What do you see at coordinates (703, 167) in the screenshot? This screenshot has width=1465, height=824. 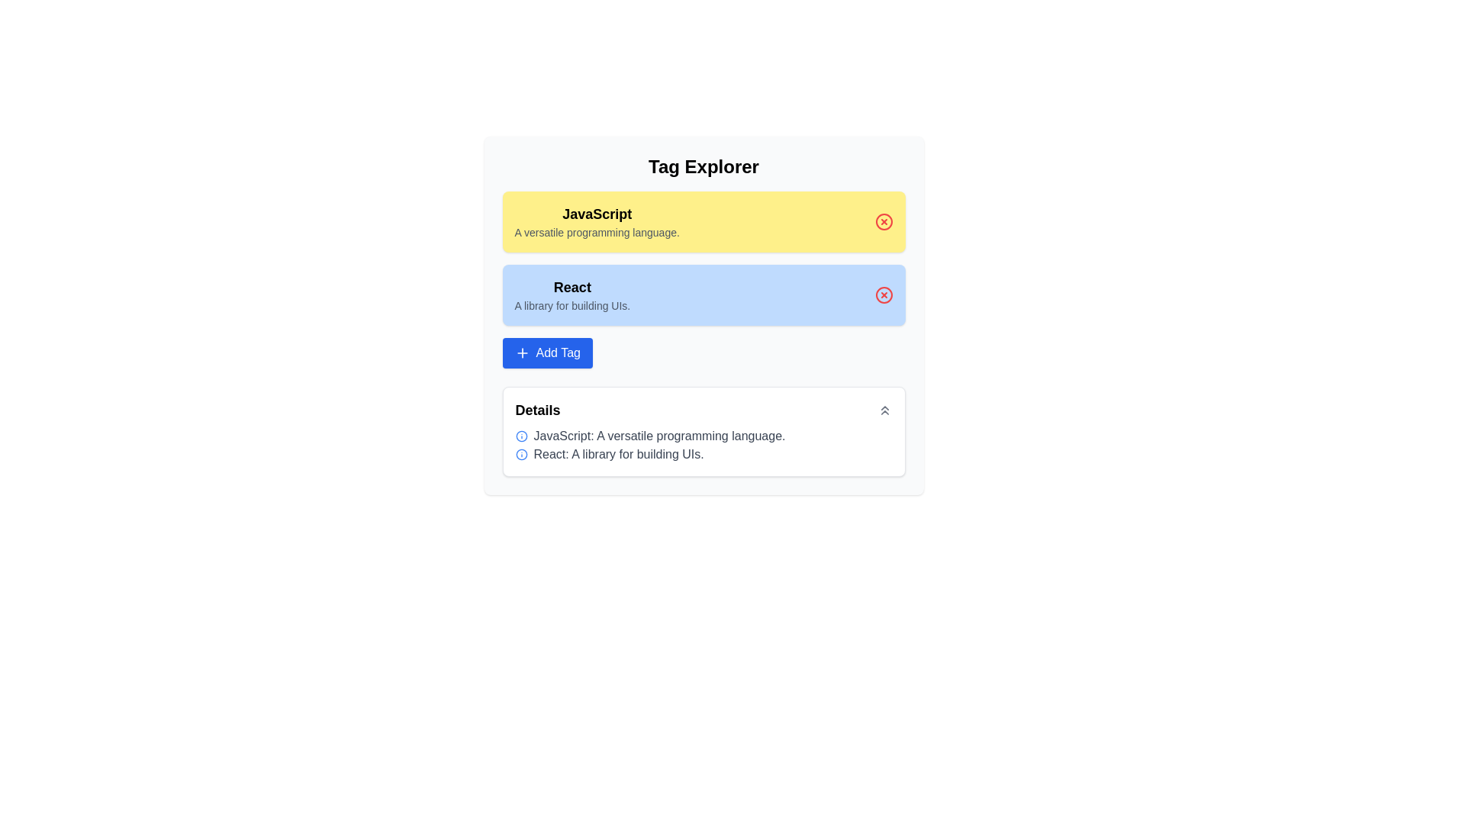 I see `the 'Tag Explorer' header text, which is prominently displayed at the top of the box and styled in a bold, large font` at bounding box center [703, 167].